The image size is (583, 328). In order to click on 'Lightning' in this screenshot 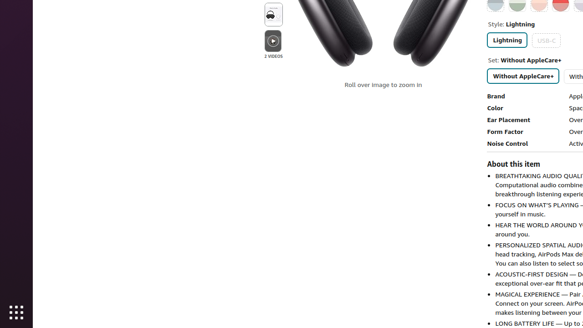, I will do `click(506, 39)`.